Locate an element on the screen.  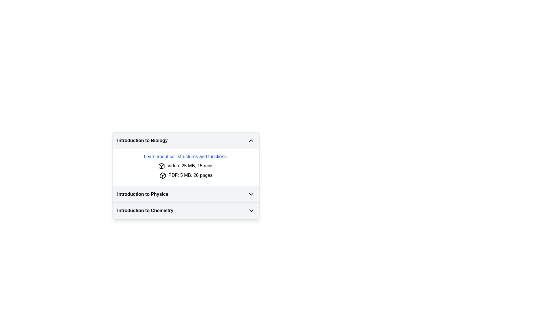
the black cube-shaped icon located in the details section of the 'Introduction to Biology' module, adjacent to the 'Video: 25 MB, 15 mins' label is located at coordinates (161, 166).